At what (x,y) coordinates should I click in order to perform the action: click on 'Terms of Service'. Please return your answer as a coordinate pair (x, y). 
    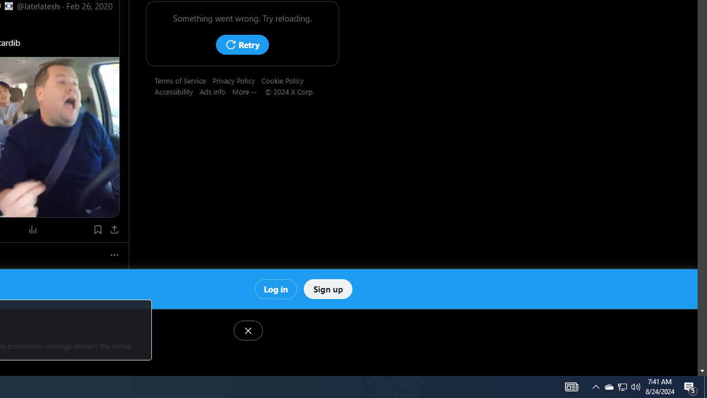
    Looking at the image, I should click on (183, 80).